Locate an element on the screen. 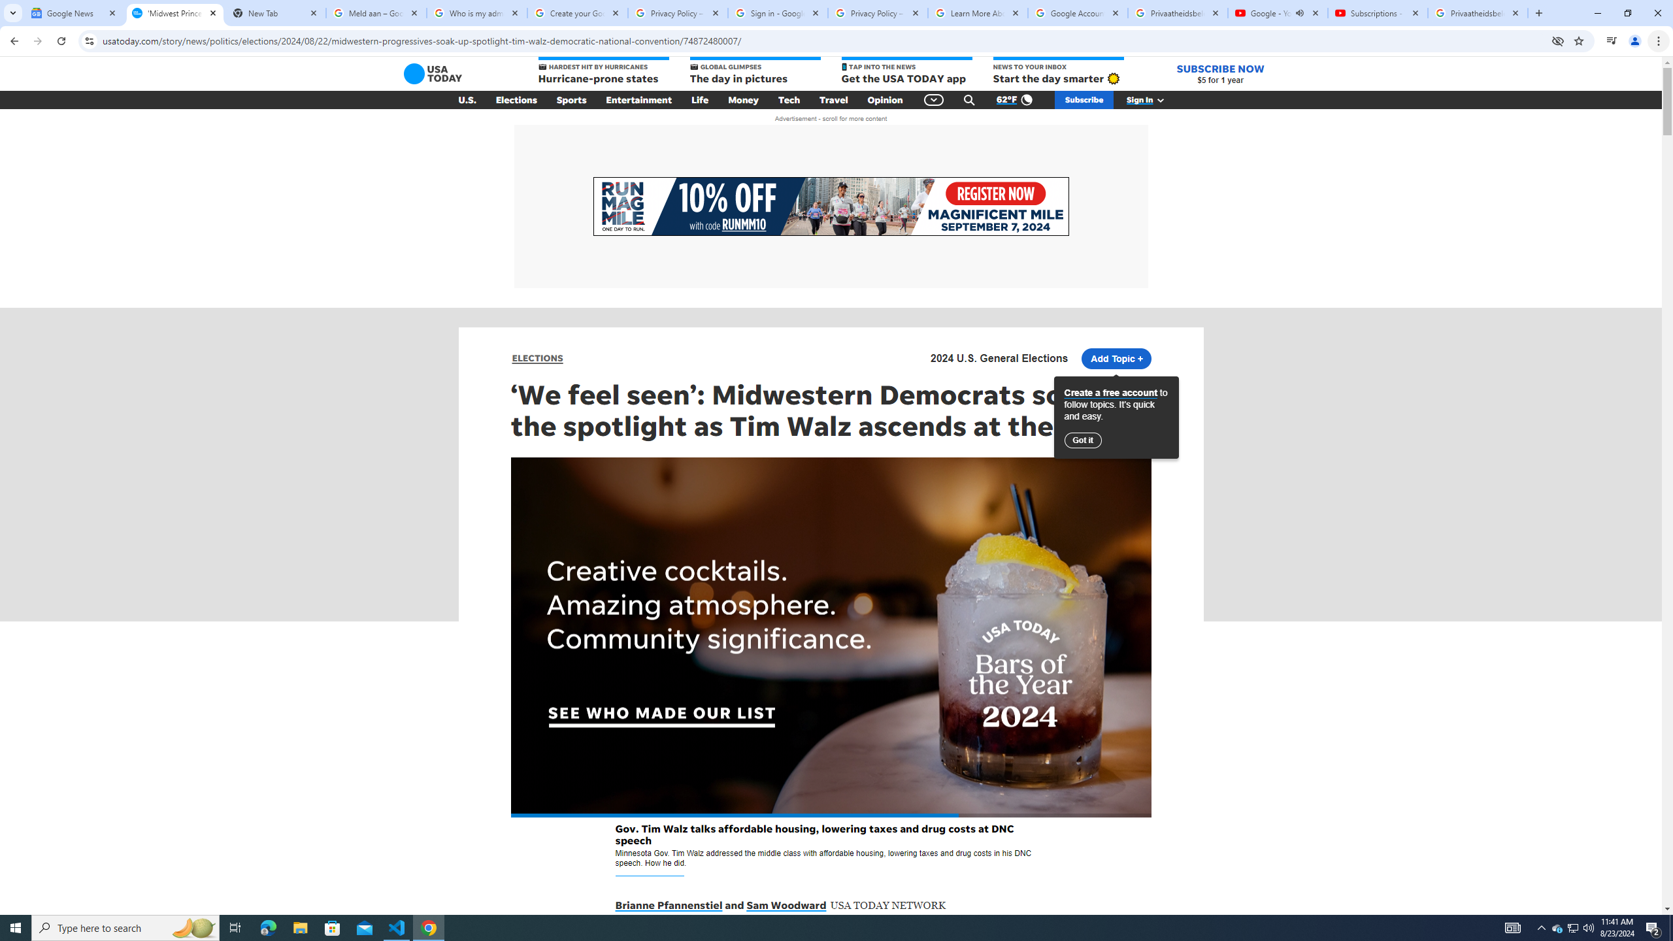 The image size is (1673, 941). 'Restore' is located at coordinates (1627, 12).